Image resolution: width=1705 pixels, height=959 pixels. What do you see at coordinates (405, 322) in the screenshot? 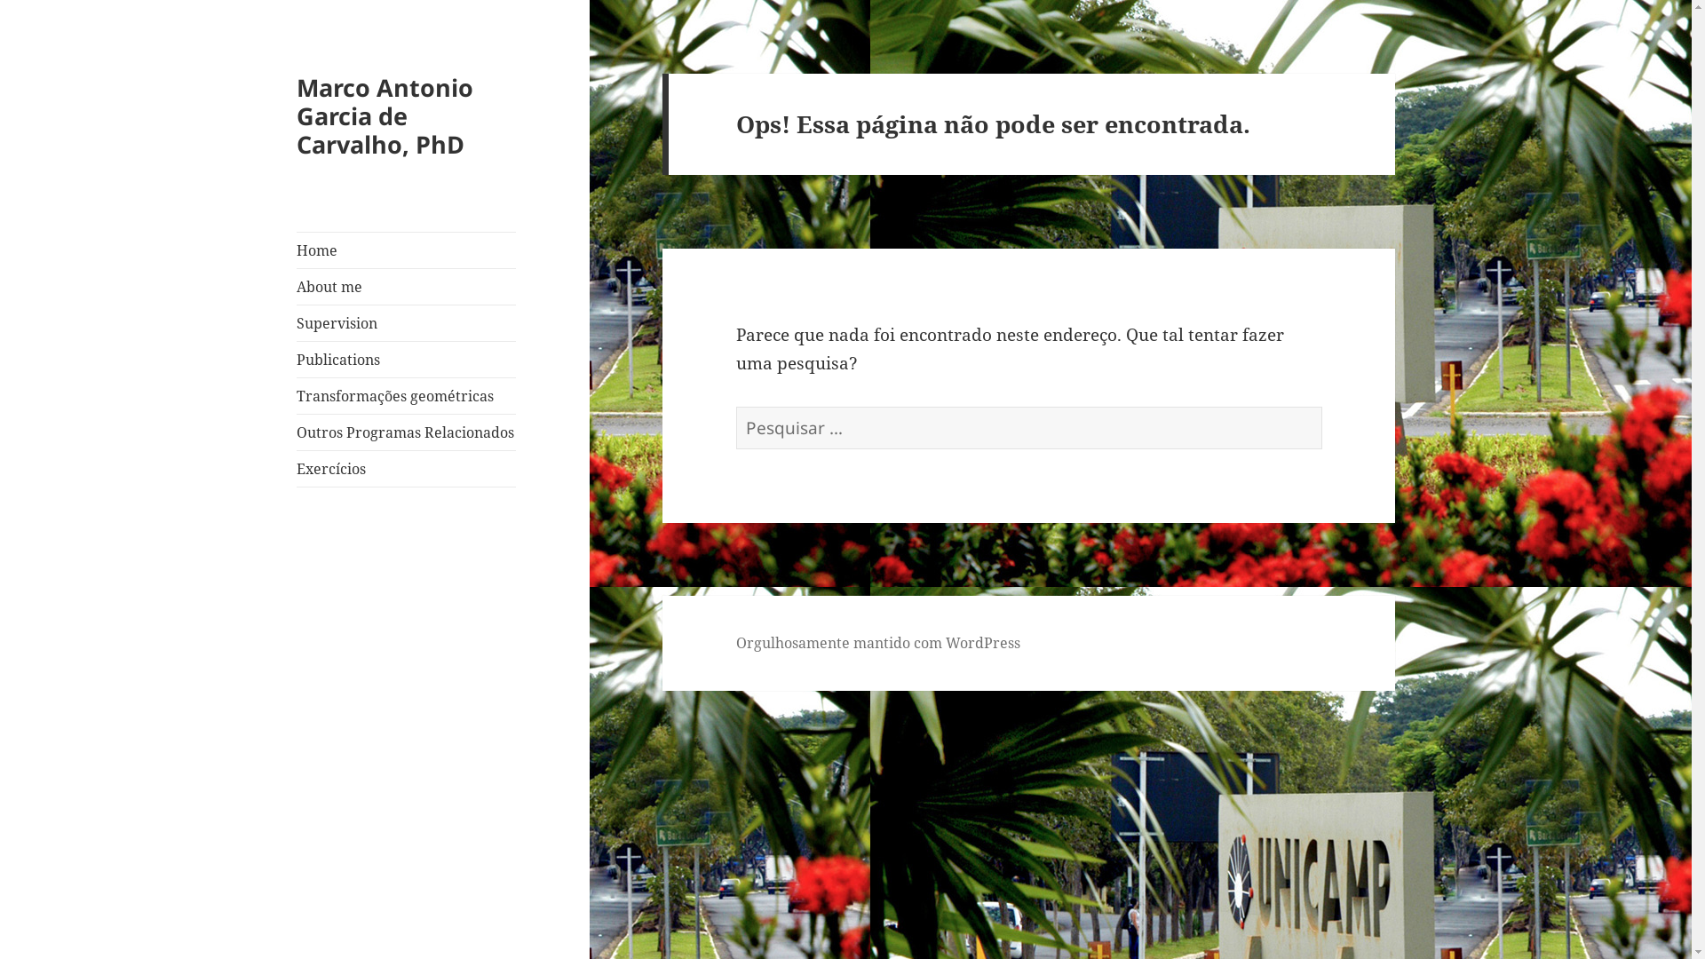
I see `'Supervision'` at bounding box center [405, 322].